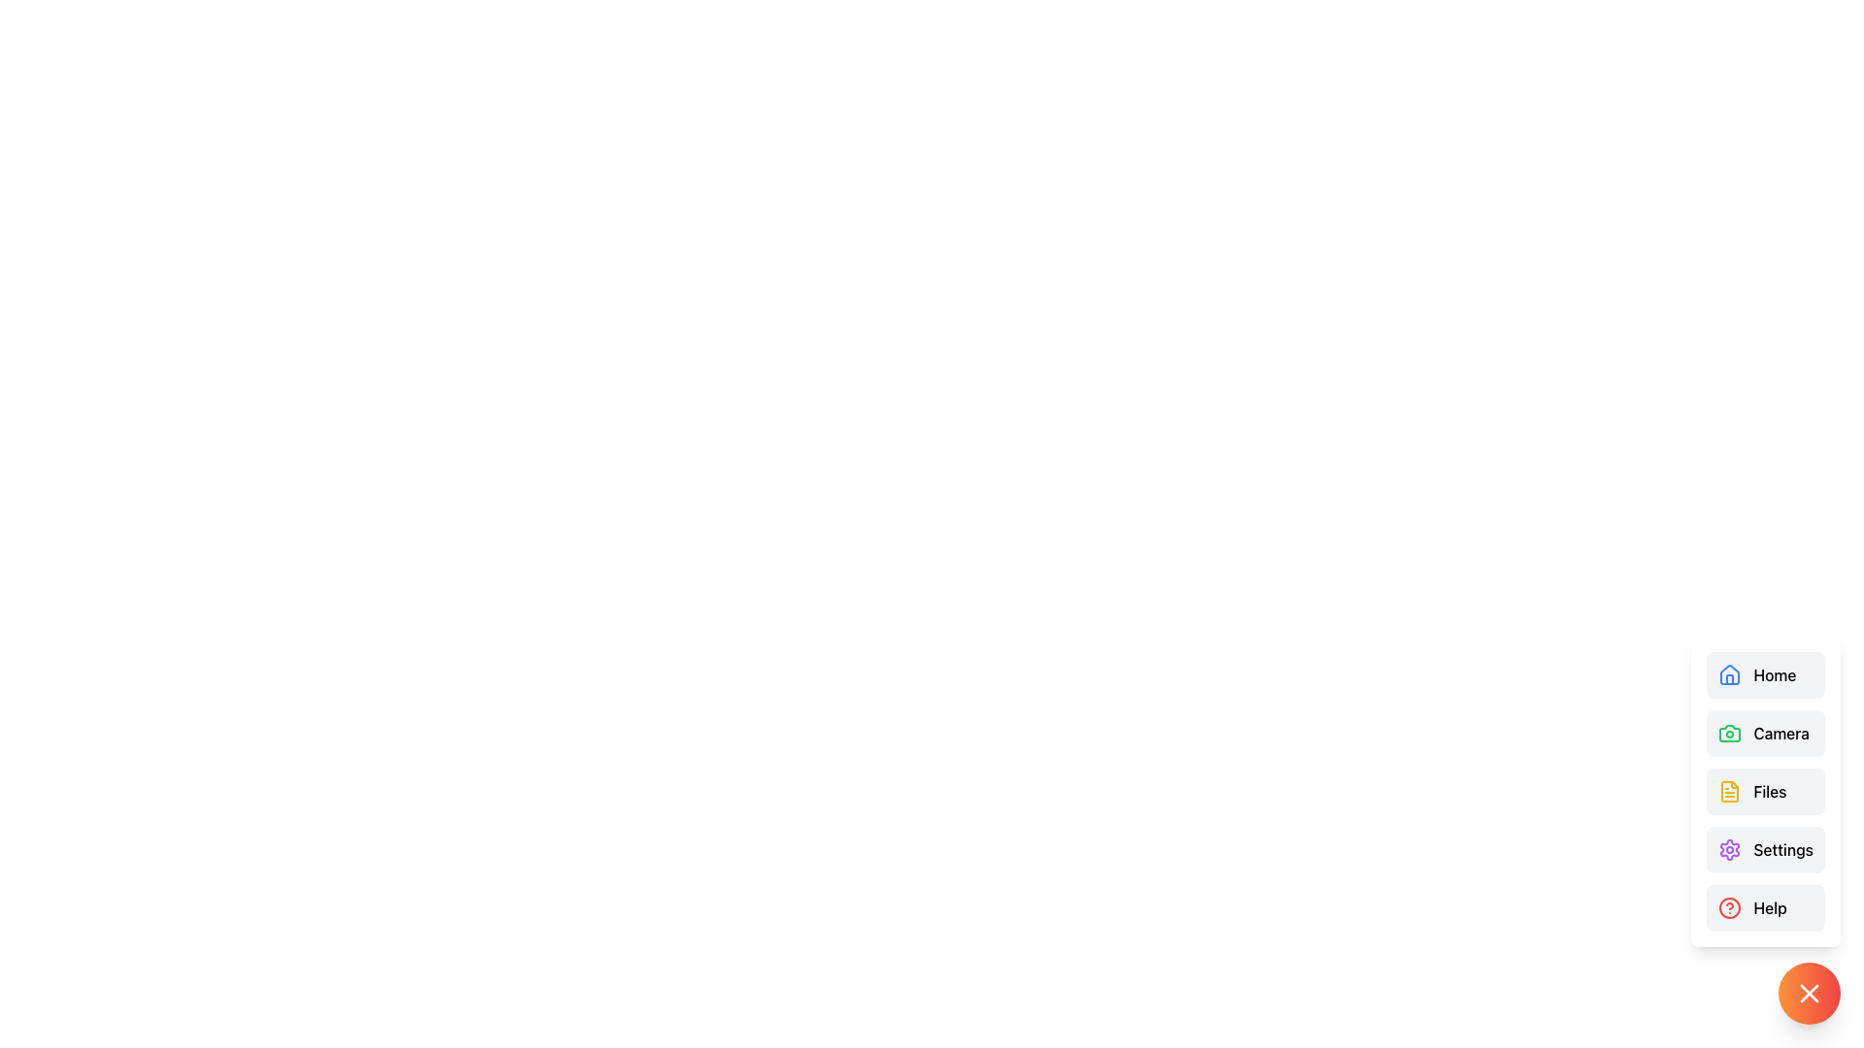 Image resolution: width=1864 pixels, height=1048 pixels. What do you see at coordinates (1775, 673) in the screenshot?
I see `label that says 'Home' located in the sidebar menu, adjacent to a blue home icon` at bounding box center [1775, 673].